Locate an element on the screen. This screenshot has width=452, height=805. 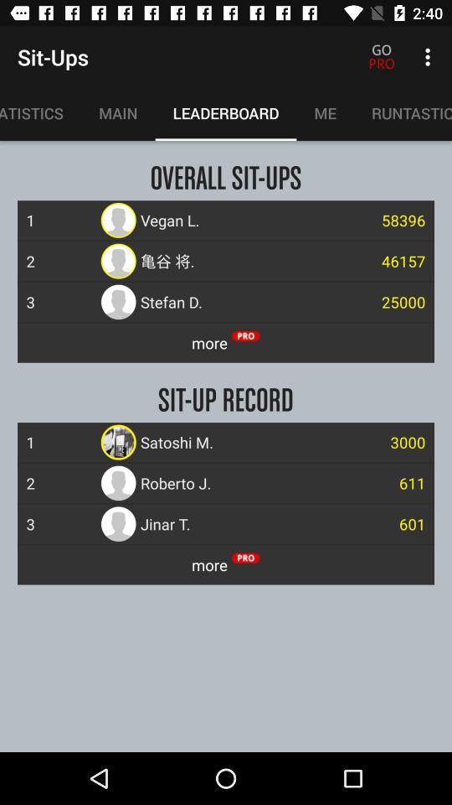
the item above the overall sit-ups is located at coordinates (117, 112).